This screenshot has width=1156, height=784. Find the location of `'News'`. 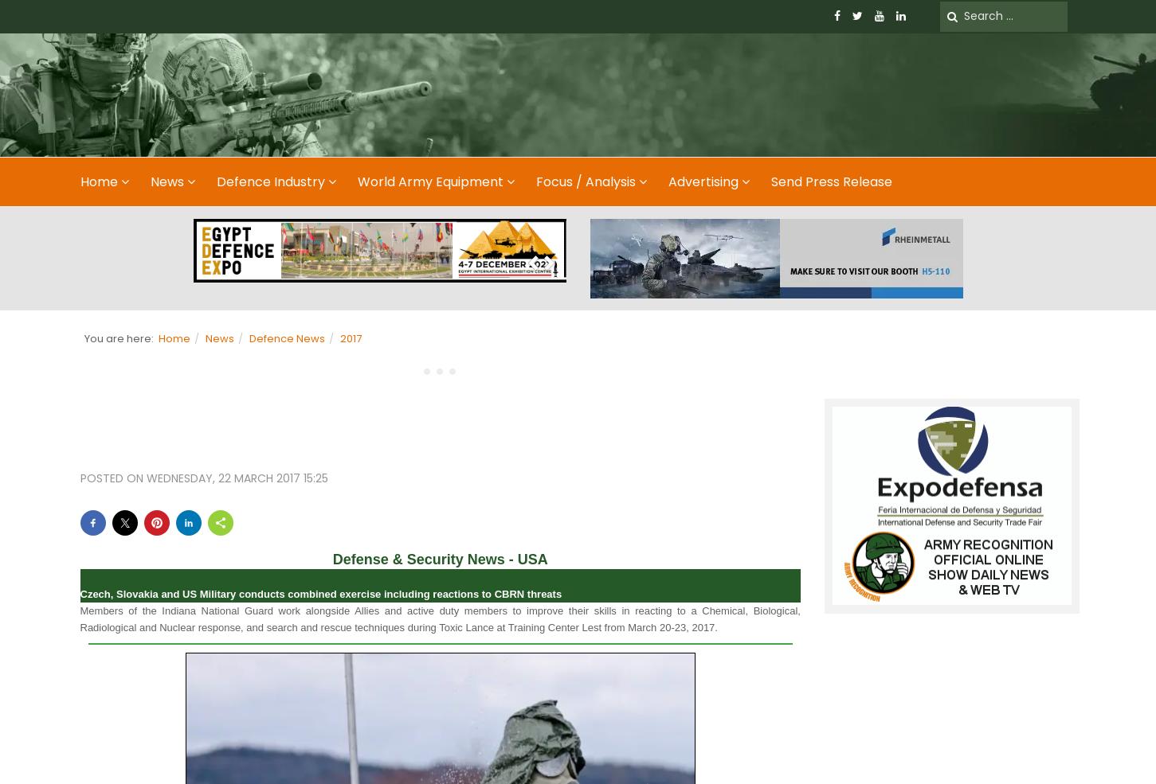

'News' is located at coordinates (217, 337).